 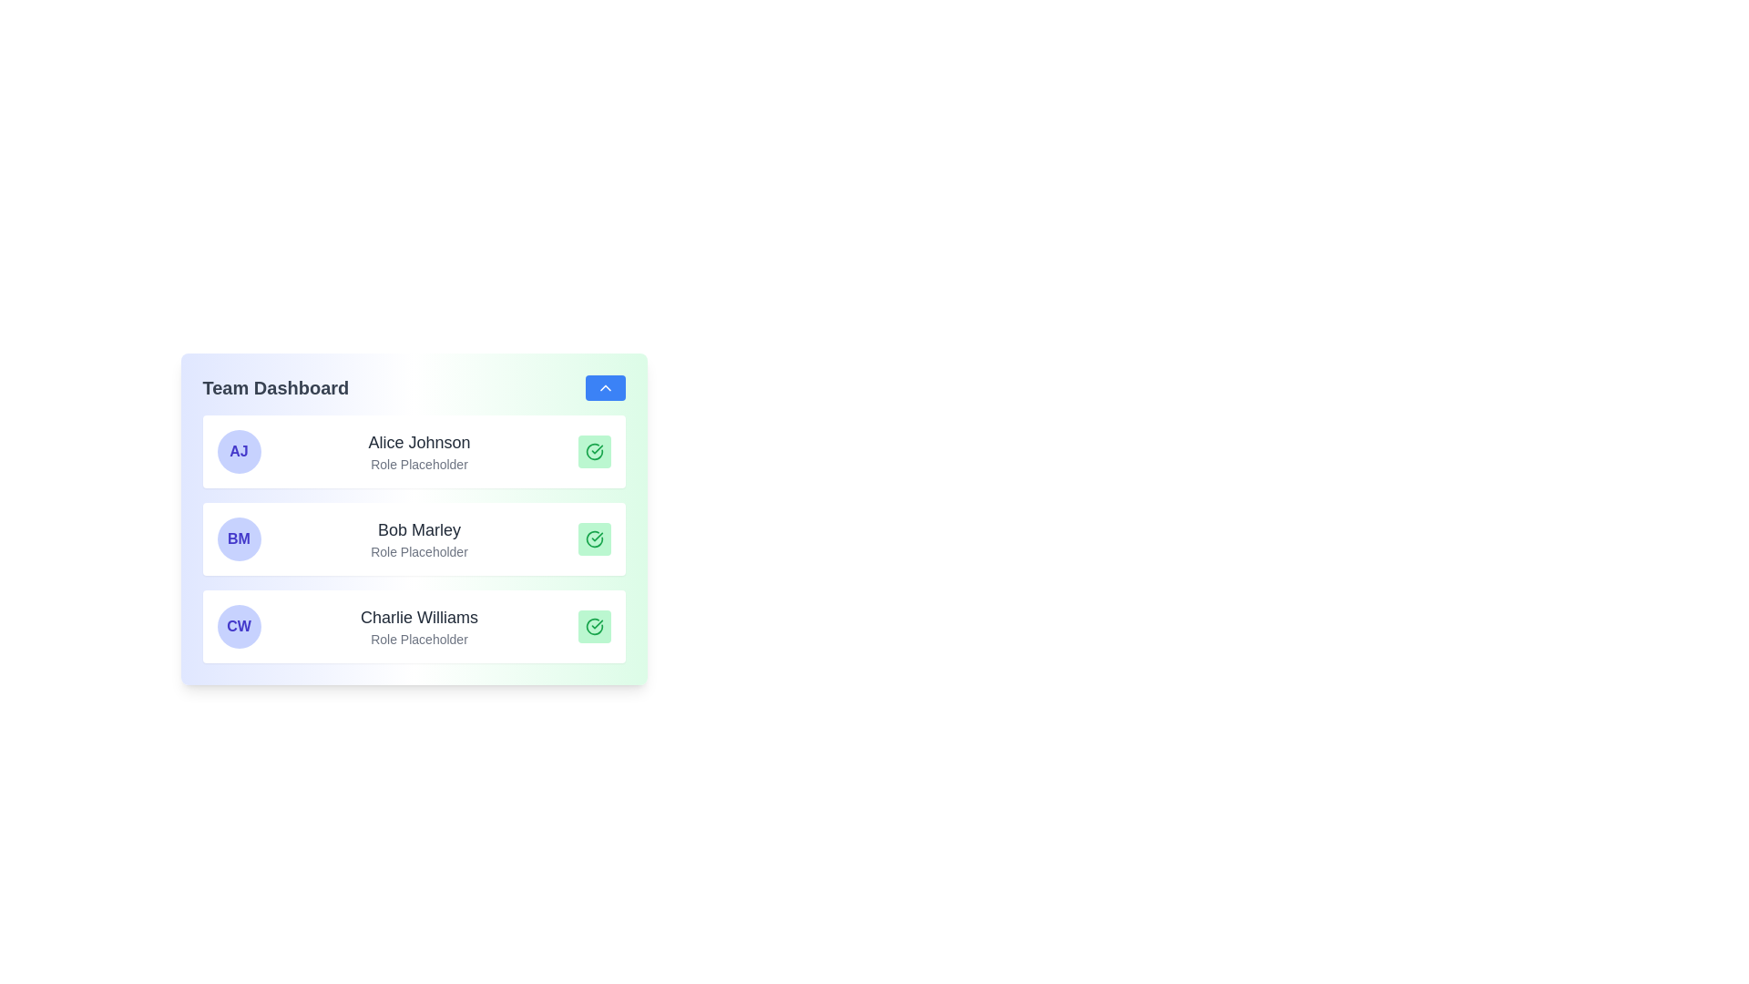 What do you see at coordinates (594, 538) in the screenshot?
I see `the green circular checkmark icon associated with user 'Bob Marley', which is the middle icon in a vertical list of similar icons` at bounding box center [594, 538].